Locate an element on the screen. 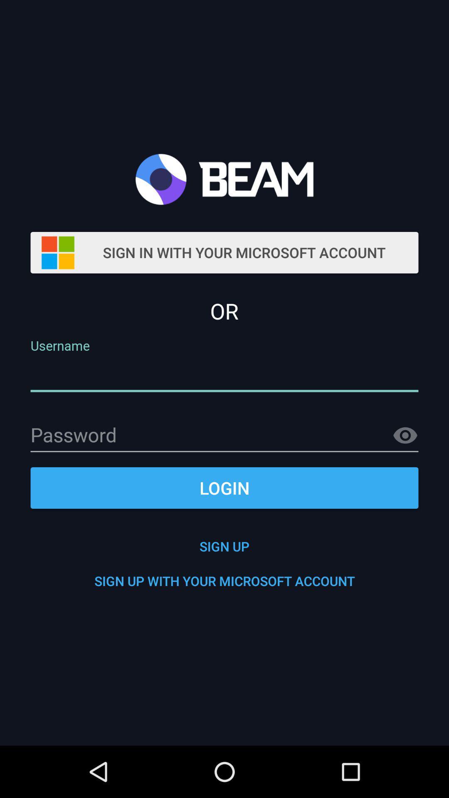 The height and width of the screenshot is (798, 449). user name is located at coordinates (224, 374).